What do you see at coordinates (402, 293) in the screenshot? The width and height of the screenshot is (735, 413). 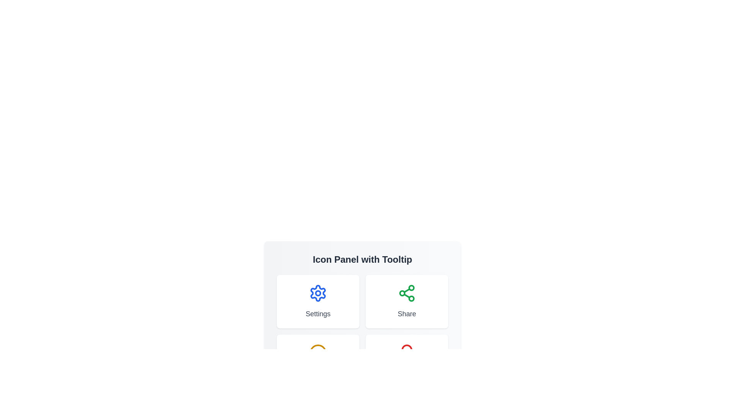 I see `the middle circle of three aligned circles that form part of the 'Share' icon, located within the card labeled 'Share' in the top-right corner of the 'Icon Panel with Tooltip'` at bounding box center [402, 293].